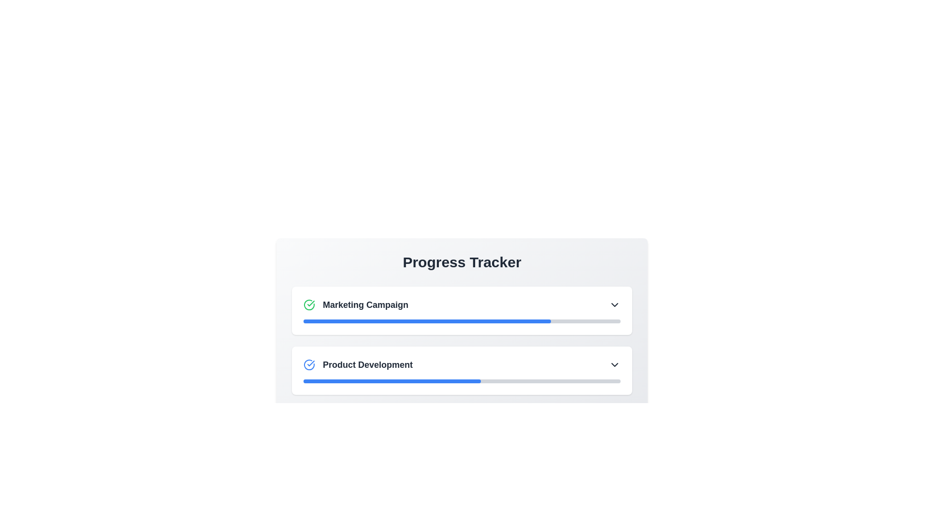 The image size is (928, 522). I want to click on the 'Marketing Campaign' progress tracker label, which is positioned in the upper widget and has a green checkmark icon to its left and an interactive dropdown icon to its right, so click(355, 305).